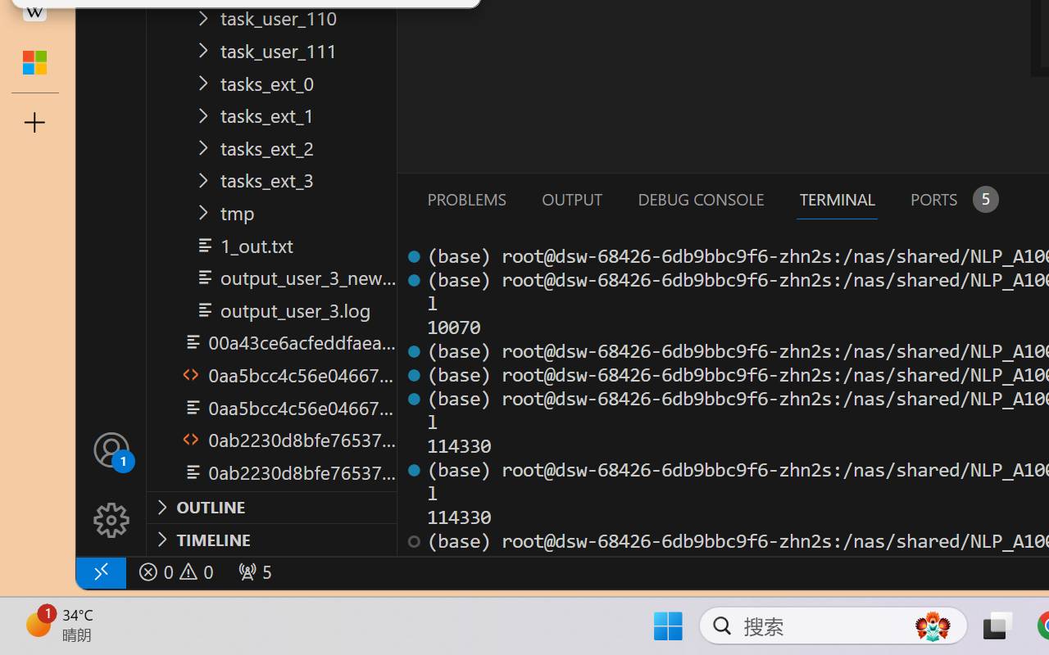  What do you see at coordinates (175, 571) in the screenshot?
I see `'No Problems'` at bounding box center [175, 571].